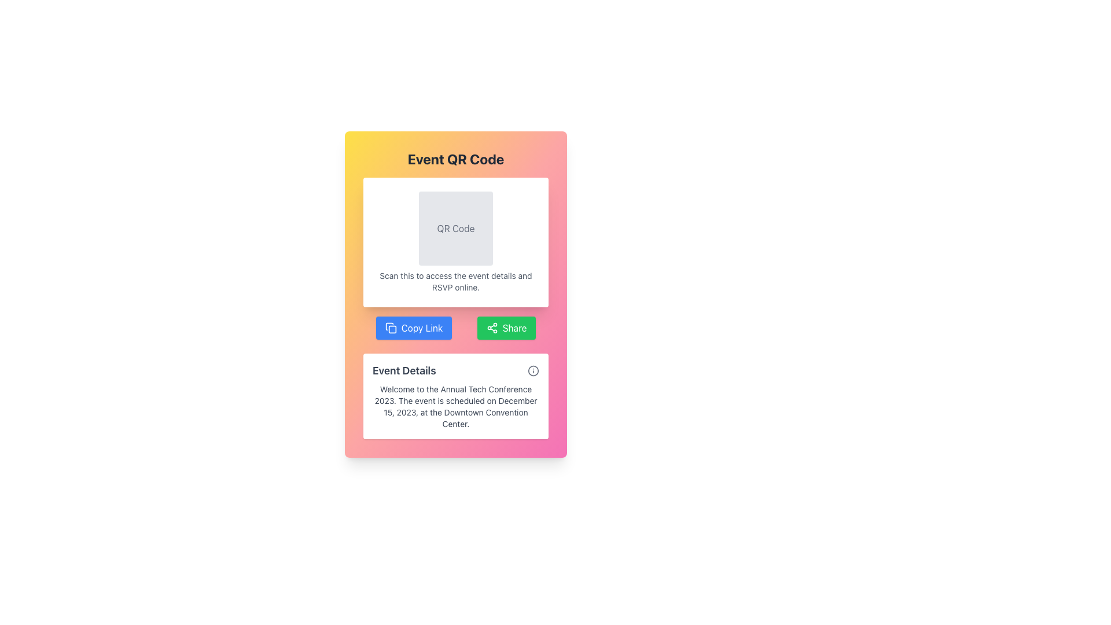 The image size is (1111, 625). I want to click on the centered gray box labeled 'QR Code', which serves as a placeholder for QR code functionality, located within a white card beneath the heading 'Event QR Code', so click(455, 228).